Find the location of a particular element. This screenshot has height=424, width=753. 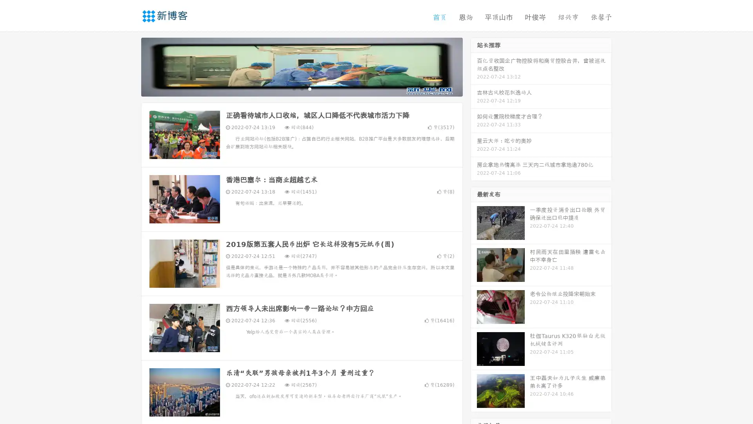

Go to slide 3 is located at coordinates (309, 88).